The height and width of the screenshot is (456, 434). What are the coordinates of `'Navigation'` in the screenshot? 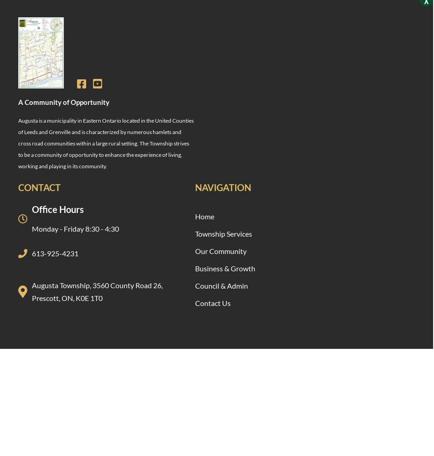 It's located at (222, 187).